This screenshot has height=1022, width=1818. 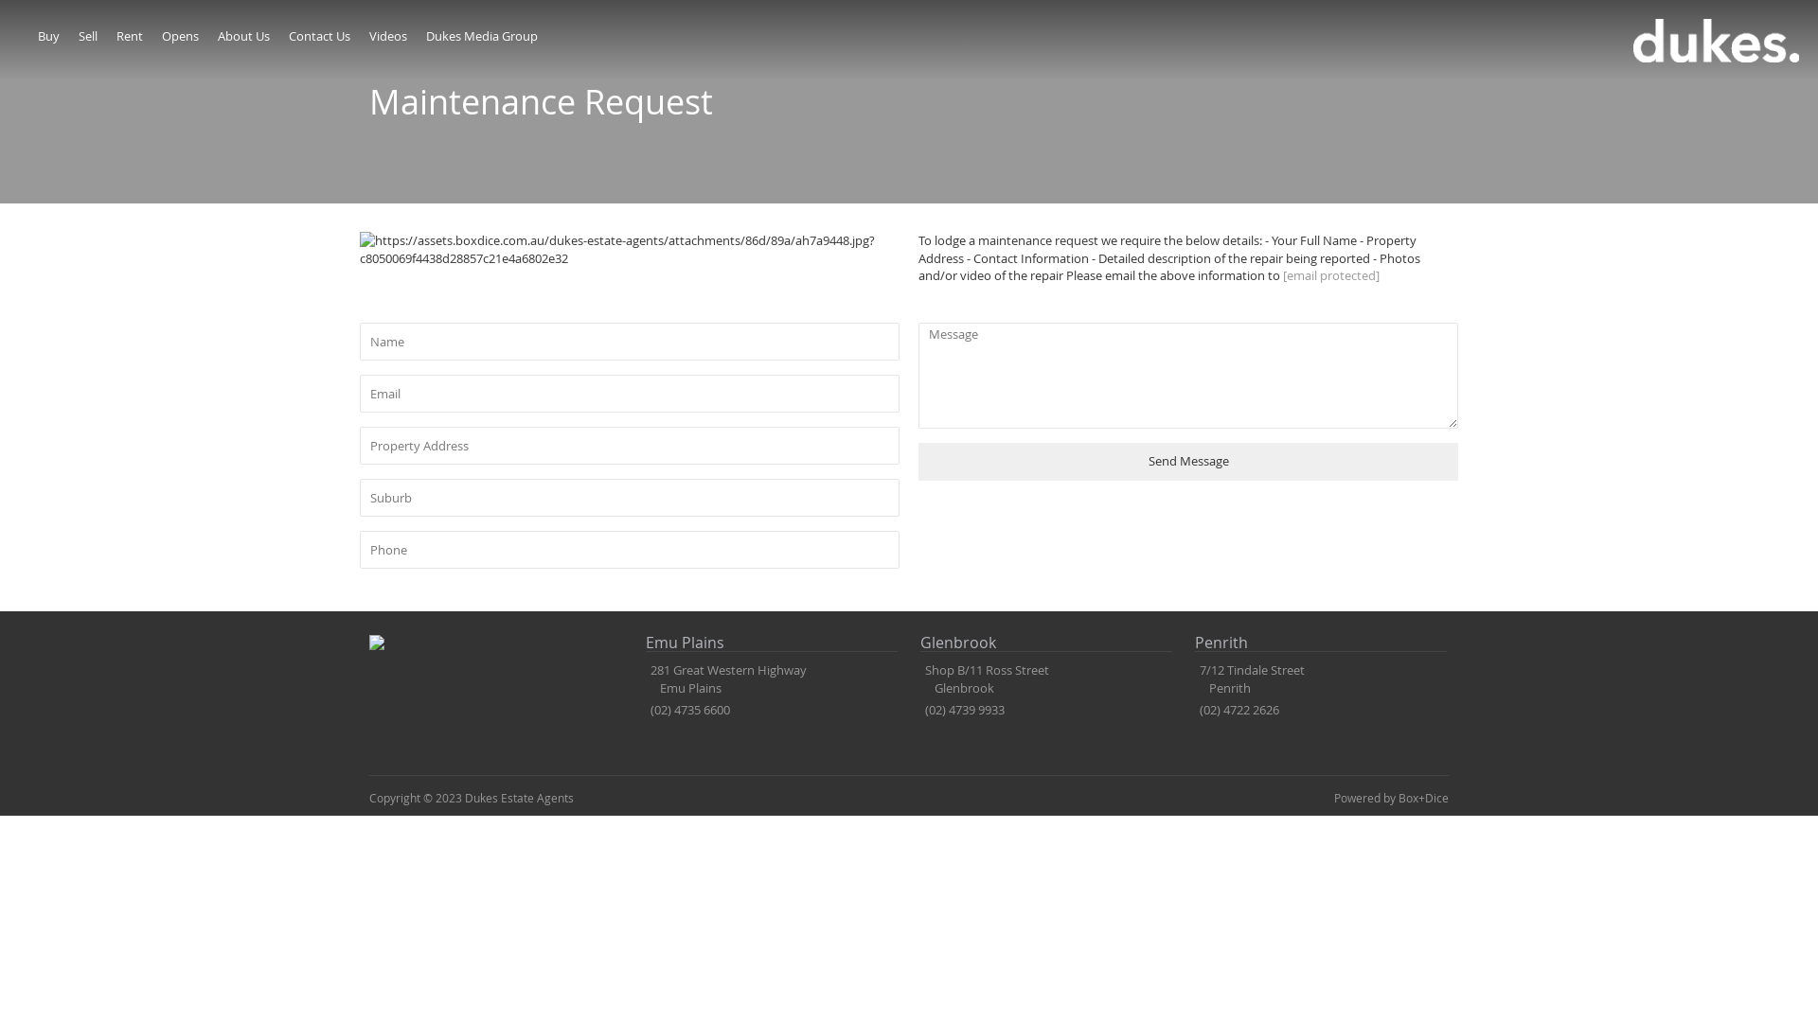 I want to click on 'Emu Plains', so click(x=772, y=643).